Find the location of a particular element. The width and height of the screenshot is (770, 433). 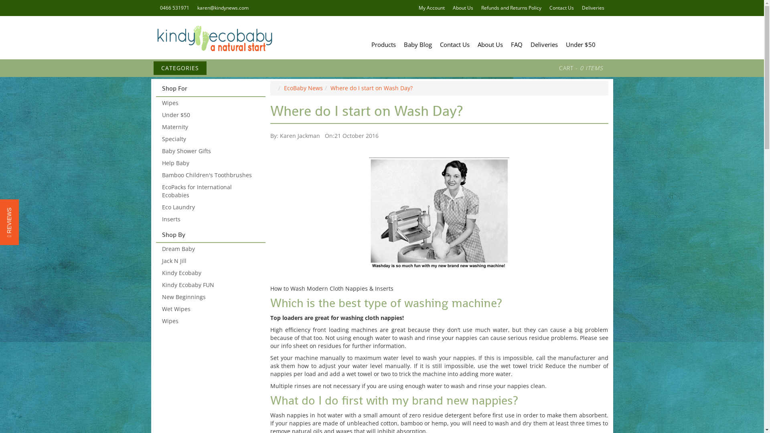

'About Us' is located at coordinates (489, 45).